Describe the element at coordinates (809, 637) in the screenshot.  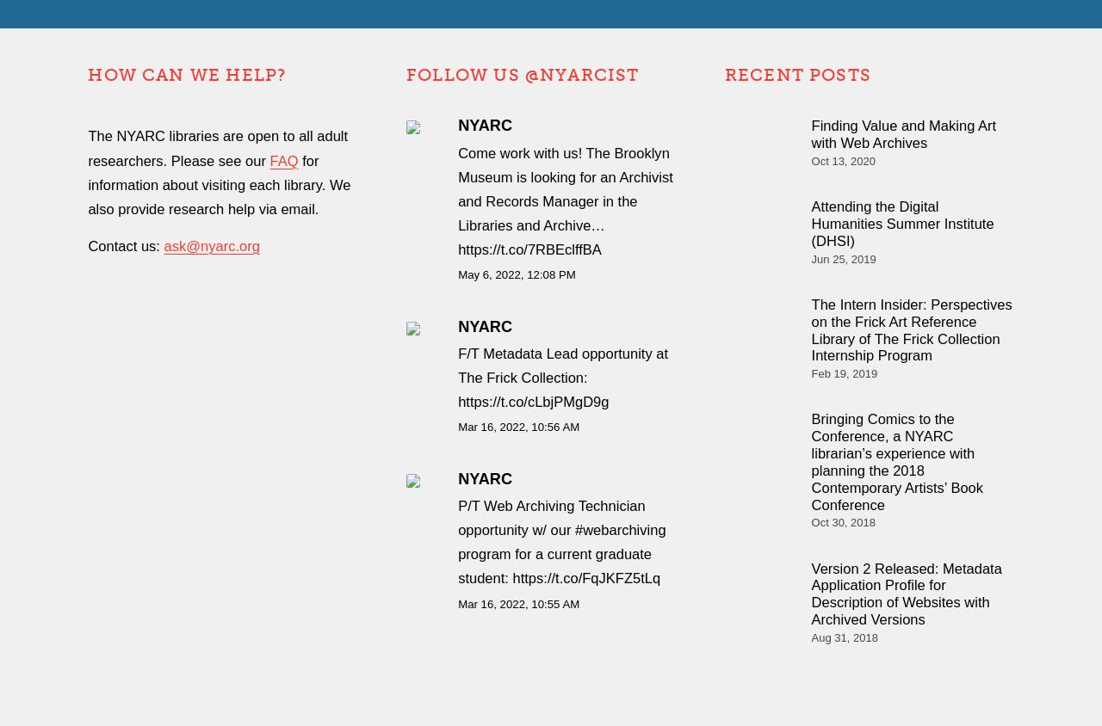
I see `'Aug 31, 2018'` at that location.